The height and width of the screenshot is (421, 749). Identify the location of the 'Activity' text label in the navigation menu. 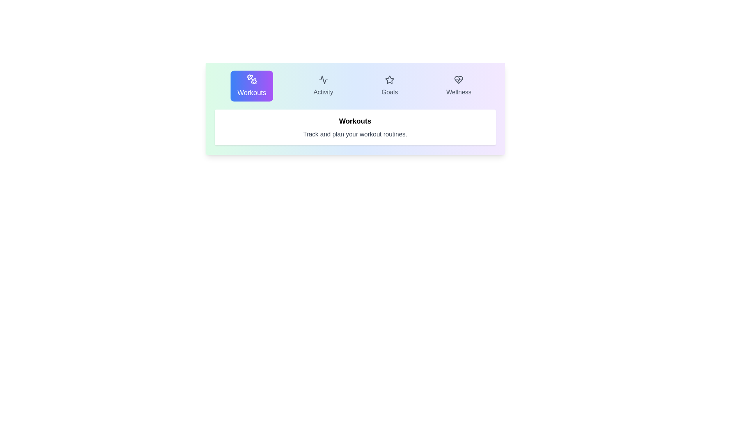
(323, 92).